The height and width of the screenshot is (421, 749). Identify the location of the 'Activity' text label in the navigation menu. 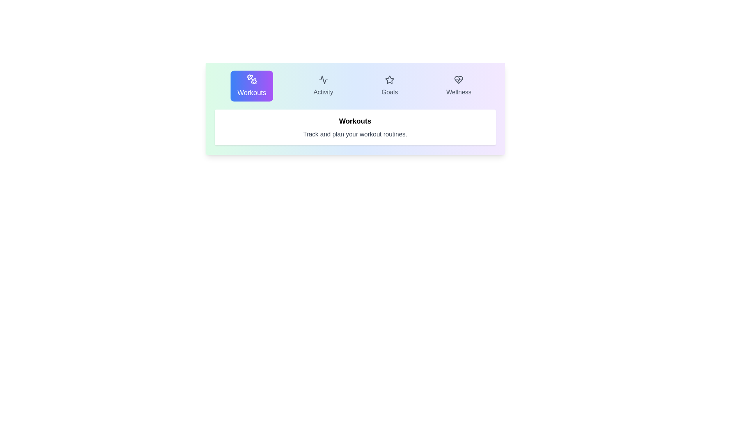
(323, 92).